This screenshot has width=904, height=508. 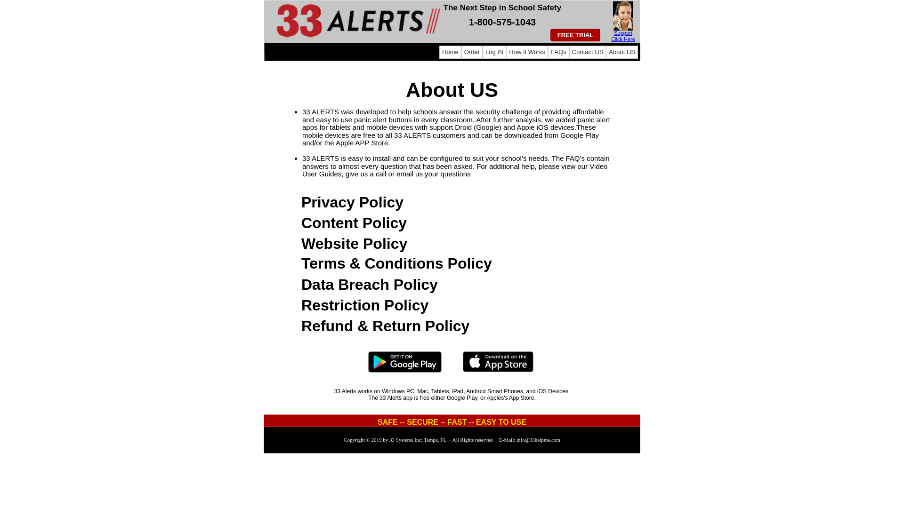 What do you see at coordinates (526, 52) in the screenshot?
I see `'How It Works'` at bounding box center [526, 52].